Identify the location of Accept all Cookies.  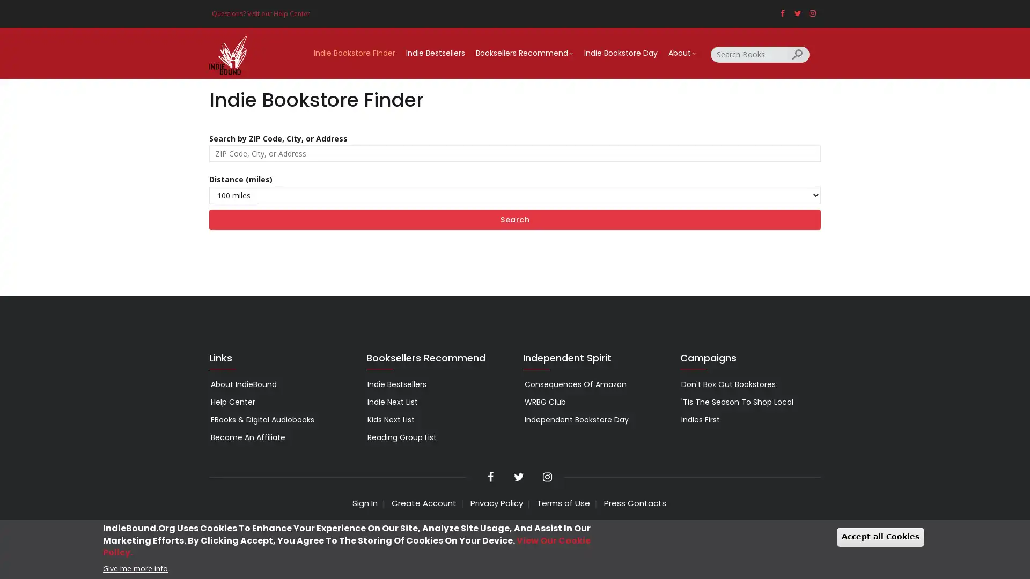
(880, 537).